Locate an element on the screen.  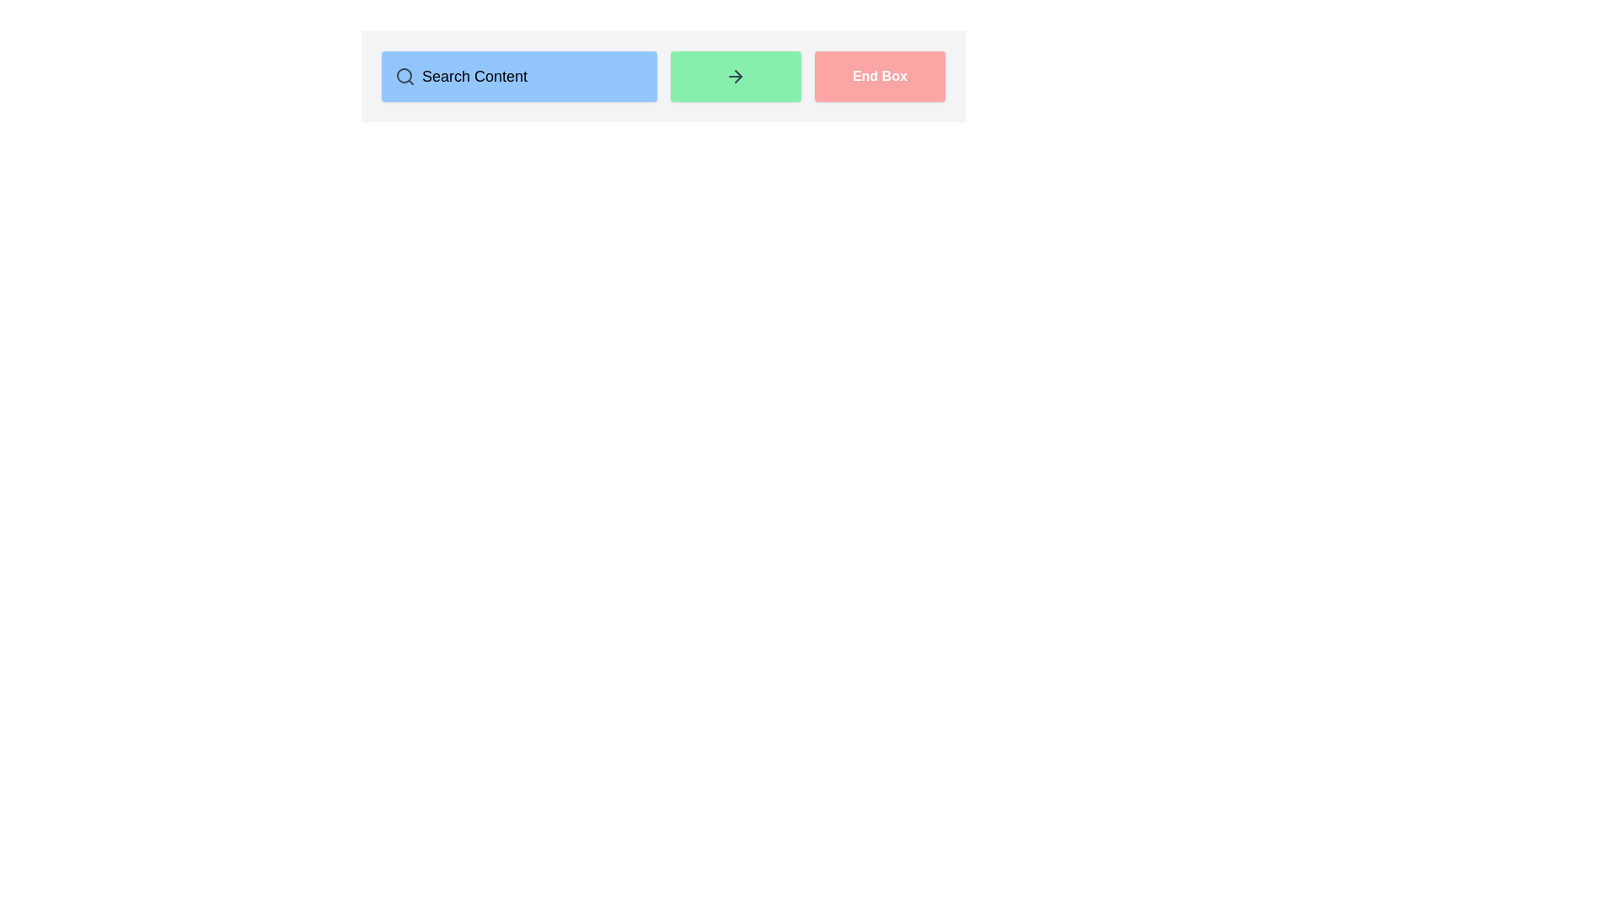
the arrow icon within the green rectangular button that is the second from the left in a group of three horizontally aligned buttons is located at coordinates (738, 77).